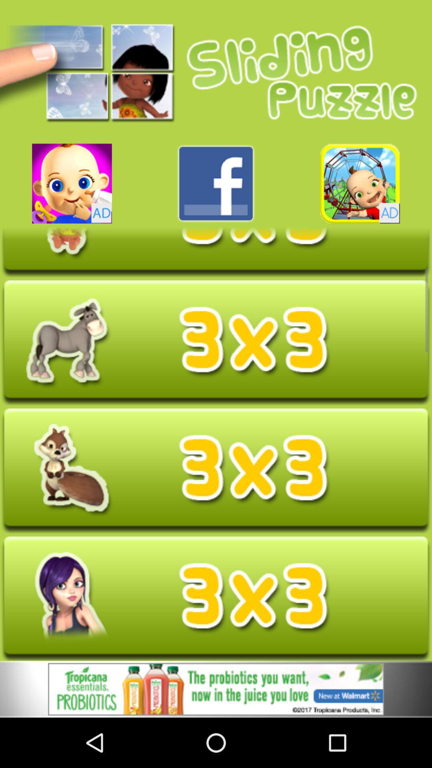 This screenshot has width=432, height=768. What do you see at coordinates (359, 183) in the screenshot?
I see `open advertisement` at bounding box center [359, 183].